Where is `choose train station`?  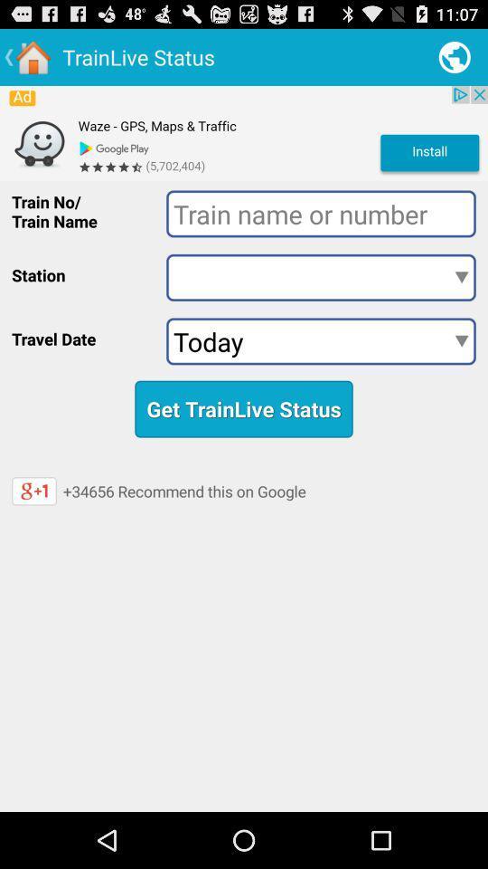
choose train station is located at coordinates (320, 277).